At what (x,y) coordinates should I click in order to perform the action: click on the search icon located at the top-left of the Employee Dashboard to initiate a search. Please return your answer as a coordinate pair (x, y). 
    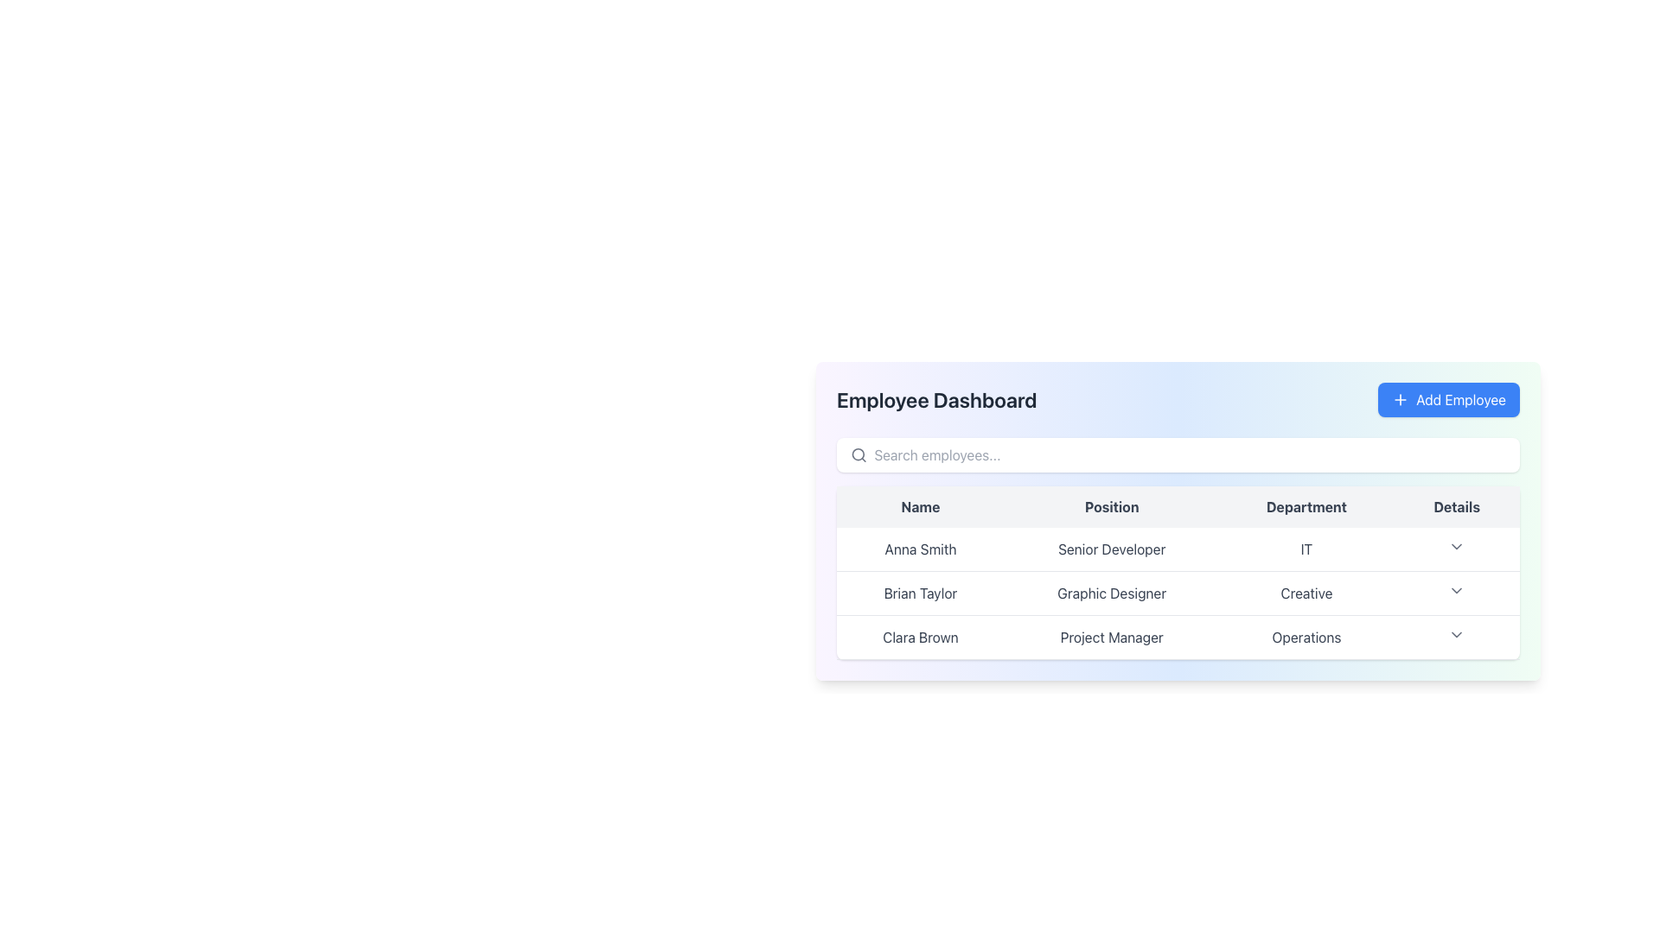
    Looking at the image, I should click on (859, 454).